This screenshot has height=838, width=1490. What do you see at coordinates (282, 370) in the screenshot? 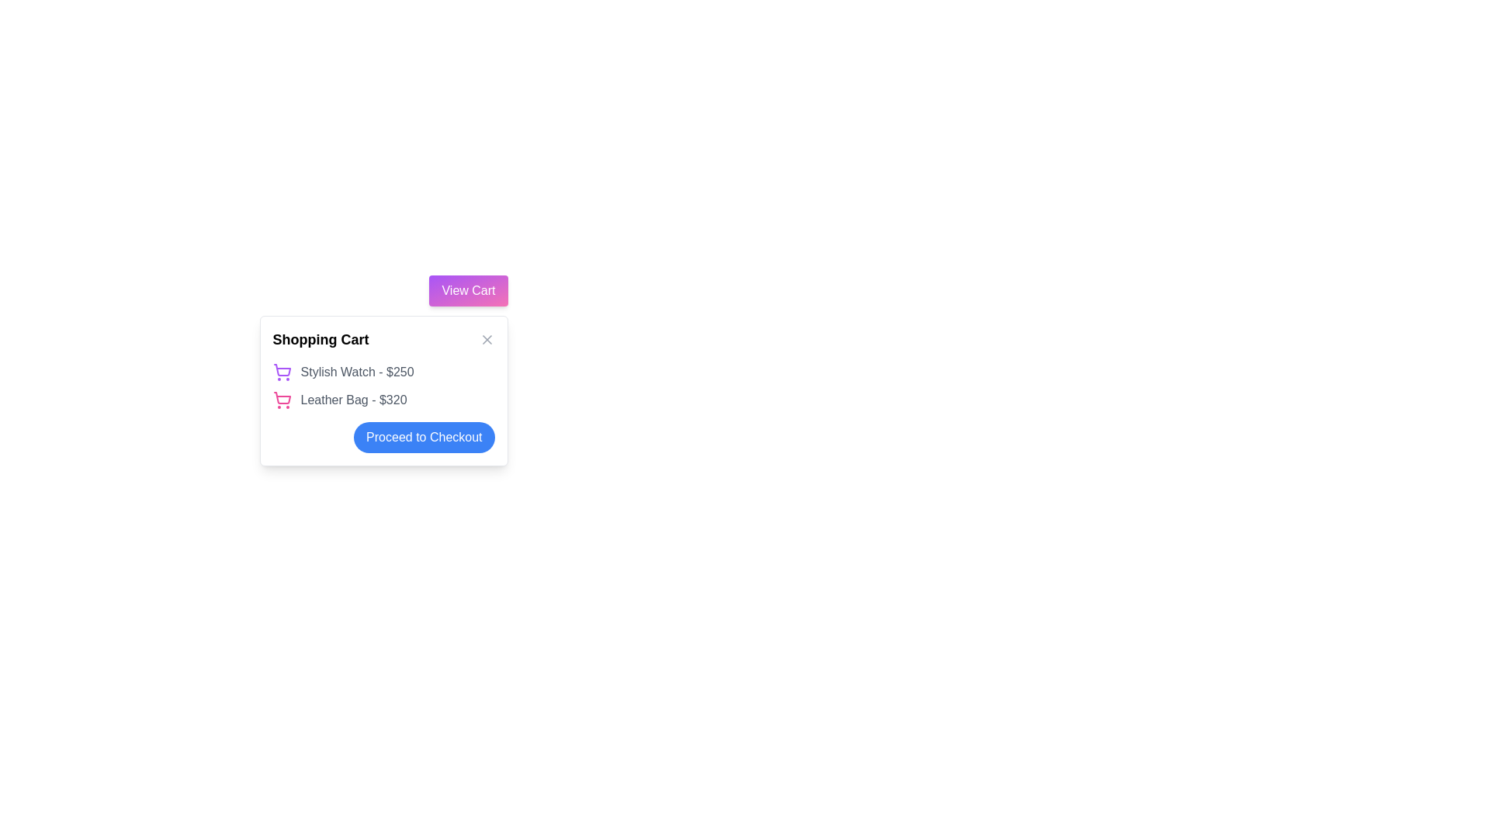
I see `the central part of the shopping cart icon, which represents the main body of the cart in the vector graphic set used for e-commerce features` at bounding box center [282, 370].